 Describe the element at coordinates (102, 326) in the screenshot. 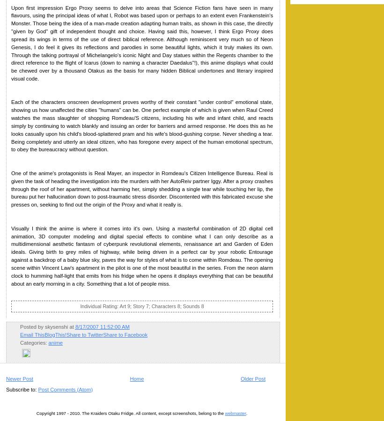

I see `'8/17/2007 11:52:00 AM'` at that location.